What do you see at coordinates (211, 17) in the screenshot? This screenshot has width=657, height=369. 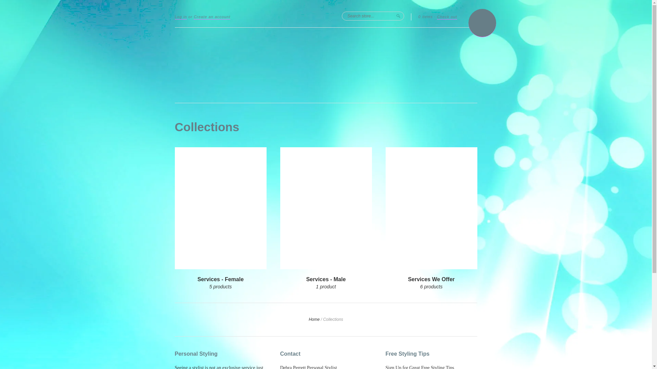 I see `'Create an account'` at bounding box center [211, 17].